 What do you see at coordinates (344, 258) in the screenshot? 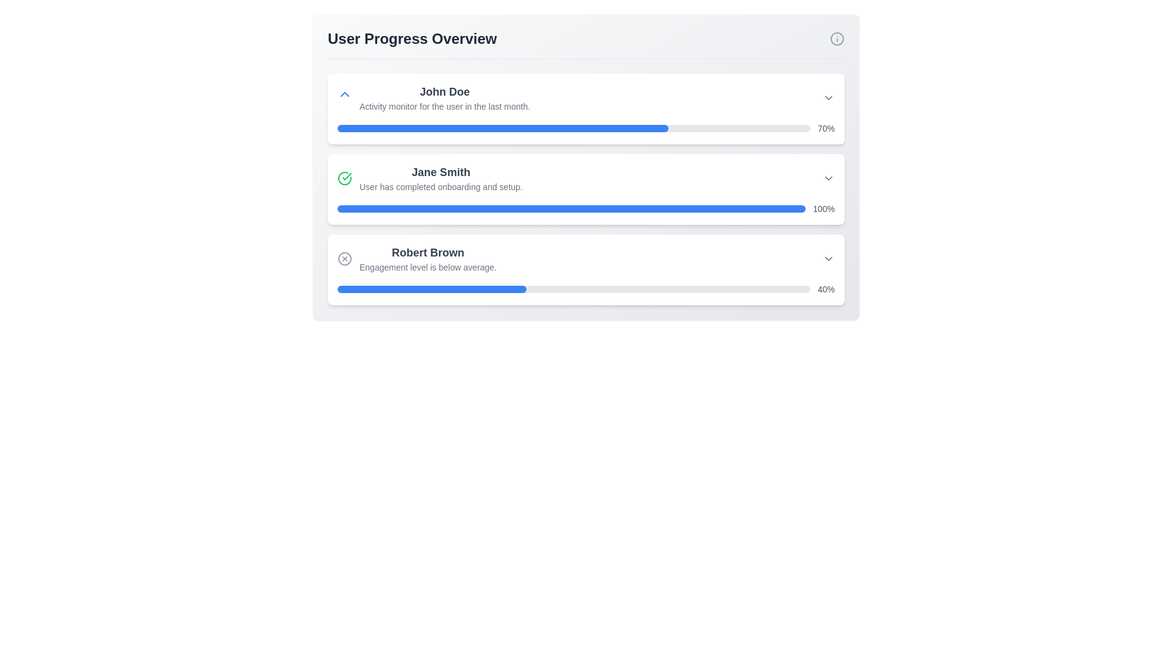
I see `the circular SVG element that forms the outer border of the 'X' icon in the 'Robert Brown' section of the User Progress Overview interface` at bounding box center [344, 258].